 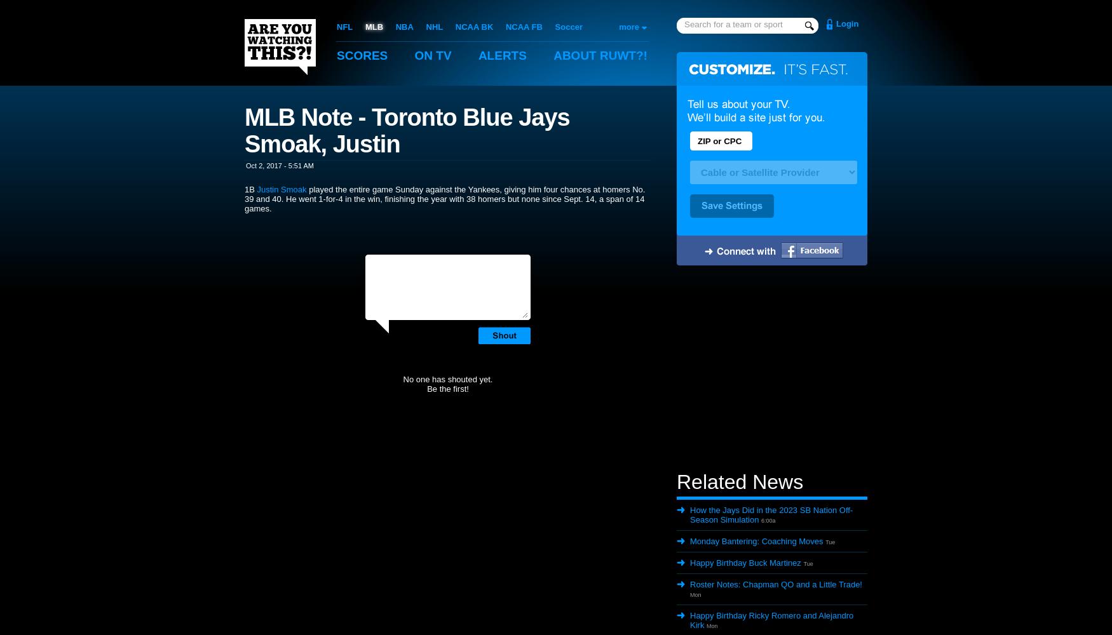 What do you see at coordinates (250, 189) in the screenshot?
I see `'1B'` at bounding box center [250, 189].